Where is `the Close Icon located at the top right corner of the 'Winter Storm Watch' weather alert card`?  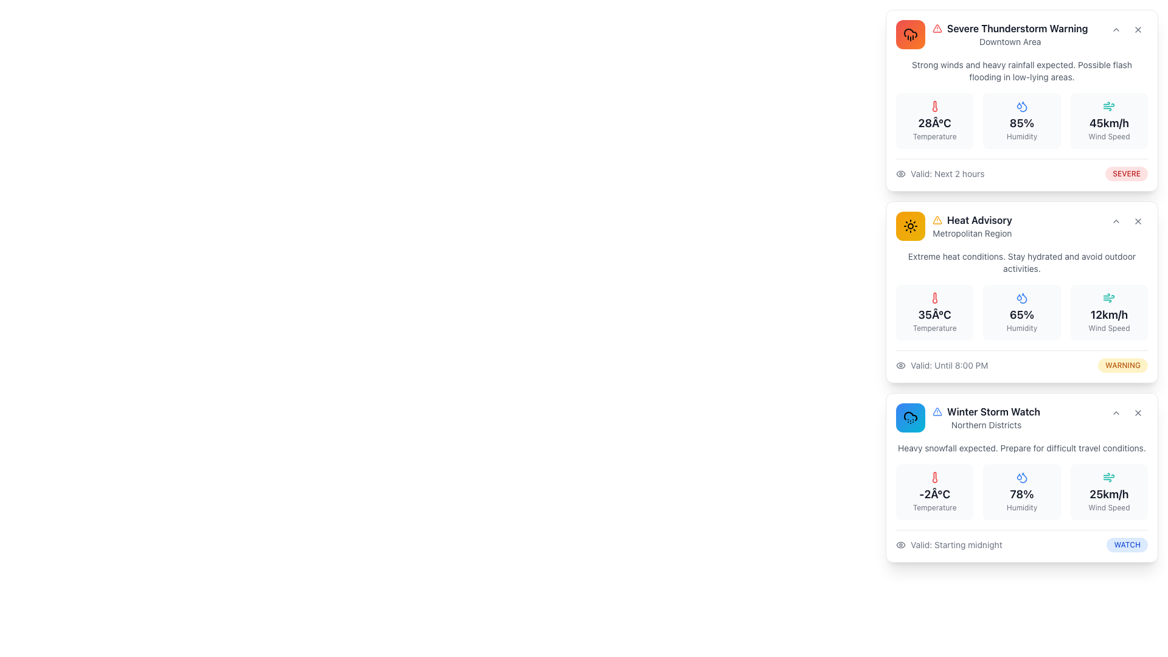
the Close Icon located at the top right corner of the 'Winter Storm Watch' weather alert card is located at coordinates (1138, 412).